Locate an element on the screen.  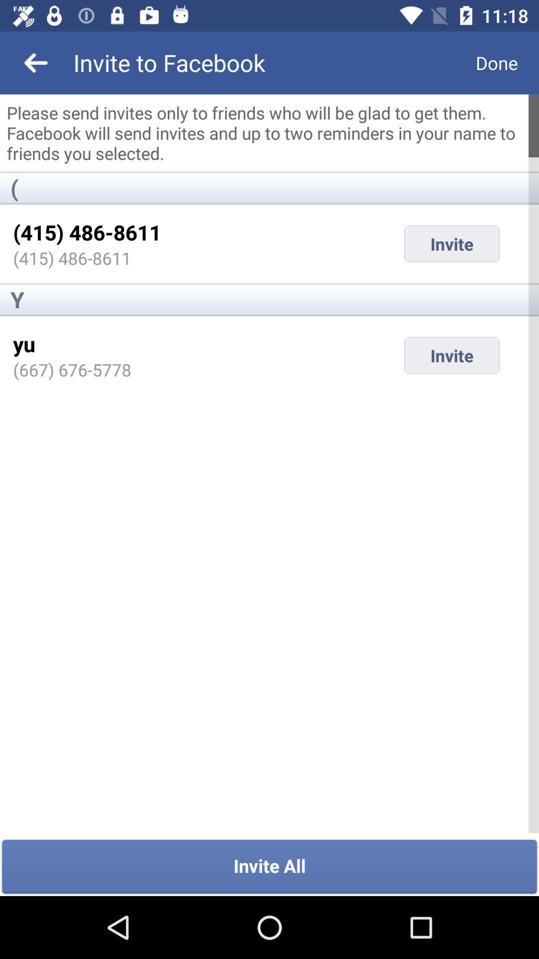
item next to invite icon is located at coordinates (23, 344).